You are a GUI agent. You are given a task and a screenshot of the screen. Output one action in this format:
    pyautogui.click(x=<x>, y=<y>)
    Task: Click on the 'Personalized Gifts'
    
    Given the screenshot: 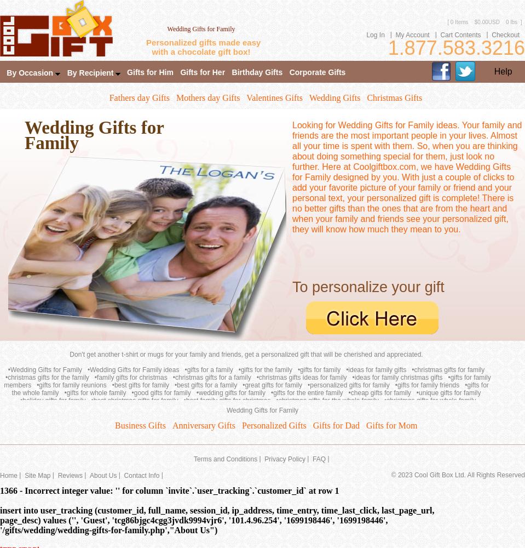 What is the action you would take?
    pyautogui.click(x=274, y=425)
    